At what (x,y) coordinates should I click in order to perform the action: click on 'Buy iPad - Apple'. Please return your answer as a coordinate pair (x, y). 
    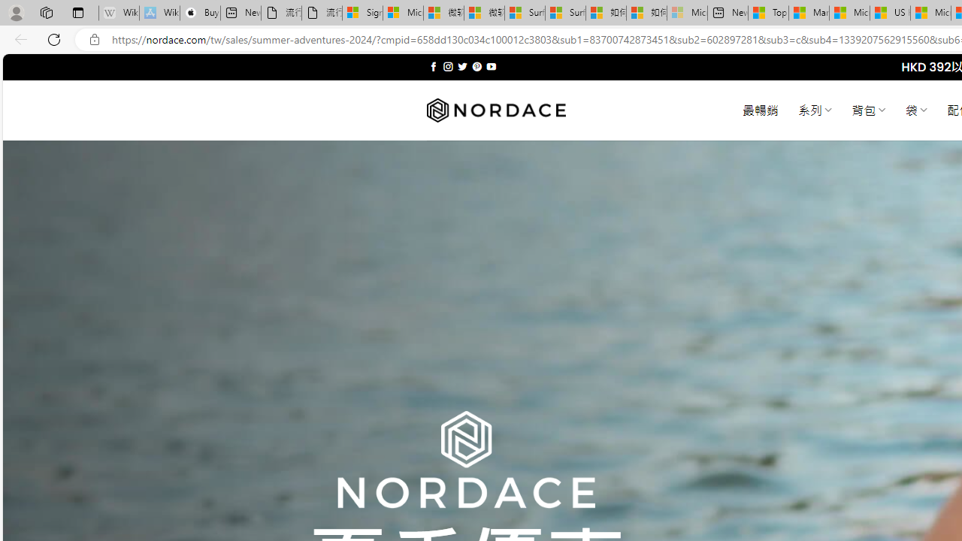
    Looking at the image, I should click on (199, 13).